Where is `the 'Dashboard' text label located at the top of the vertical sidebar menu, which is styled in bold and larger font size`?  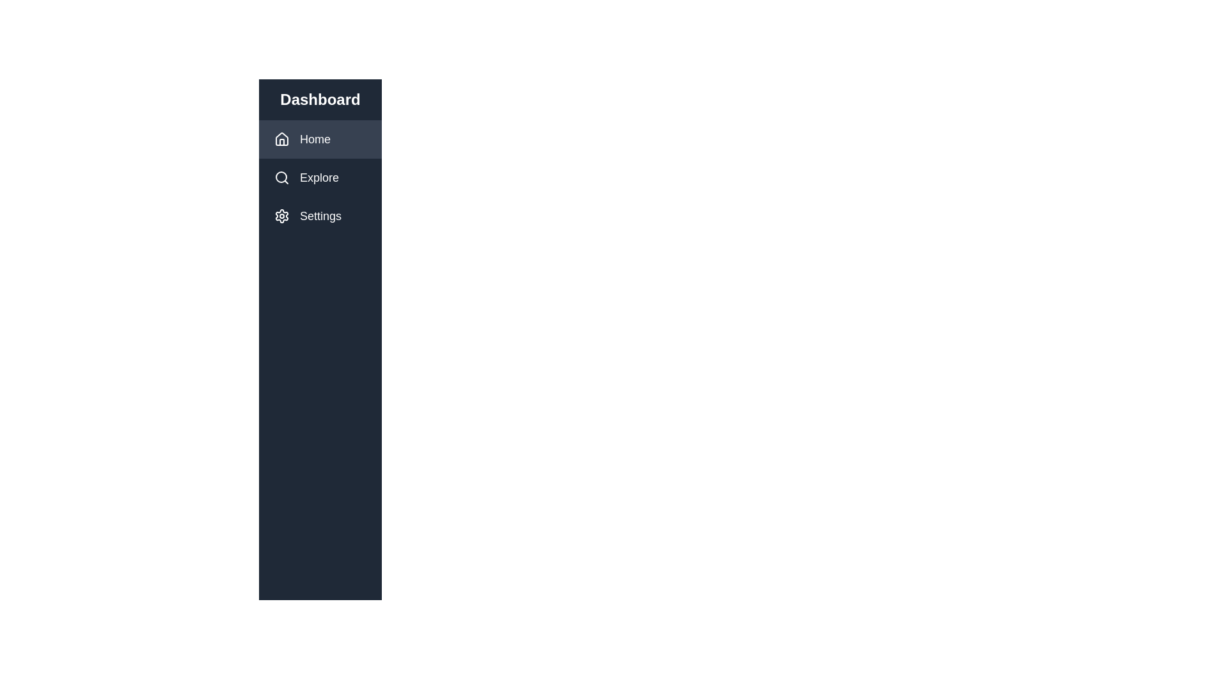 the 'Dashboard' text label located at the top of the vertical sidebar menu, which is styled in bold and larger font size is located at coordinates (320, 99).